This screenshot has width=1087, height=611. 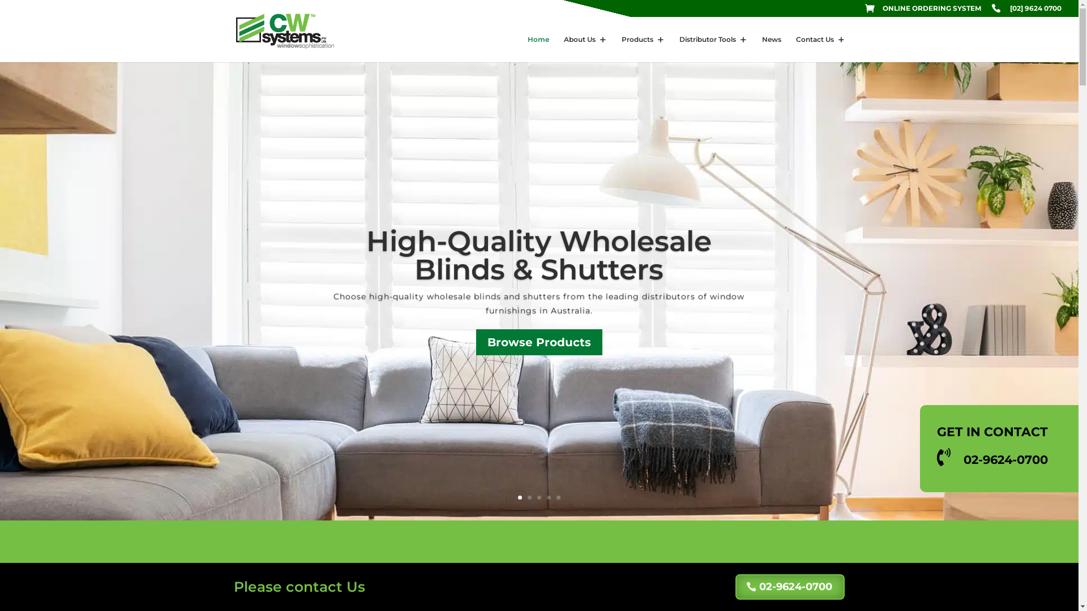 What do you see at coordinates (712, 48) in the screenshot?
I see `'Distributor Tools'` at bounding box center [712, 48].